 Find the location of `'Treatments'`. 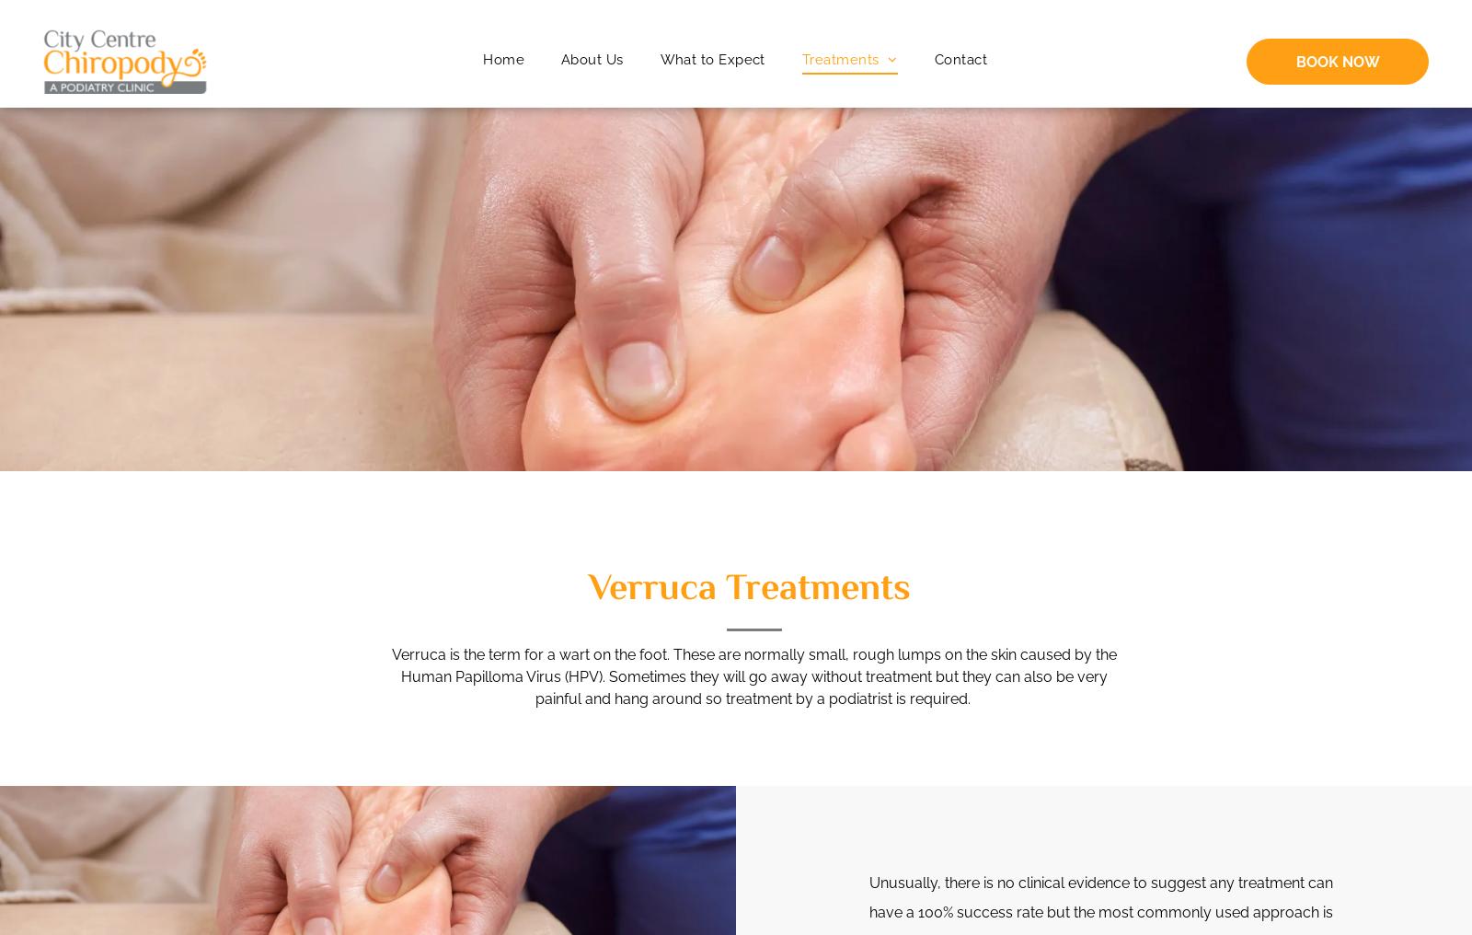

'Treatments' is located at coordinates (838, 59).